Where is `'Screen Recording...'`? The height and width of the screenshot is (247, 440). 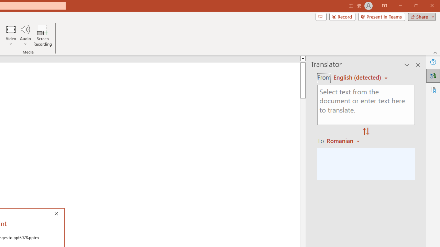
'Screen Recording...' is located at coordinates (42, 35).